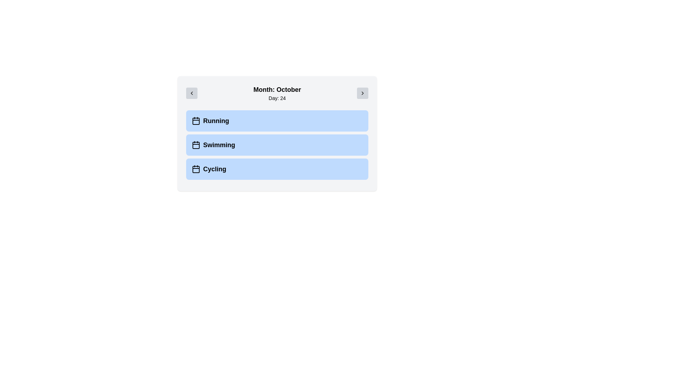 The width and height of the screenshot is (682, 383). I want to click on the calendar icon which is a minimalistic square-shaped icon with rounded edges, located to the left of the text 'Running' in the first row of the list, so click(196, 120).